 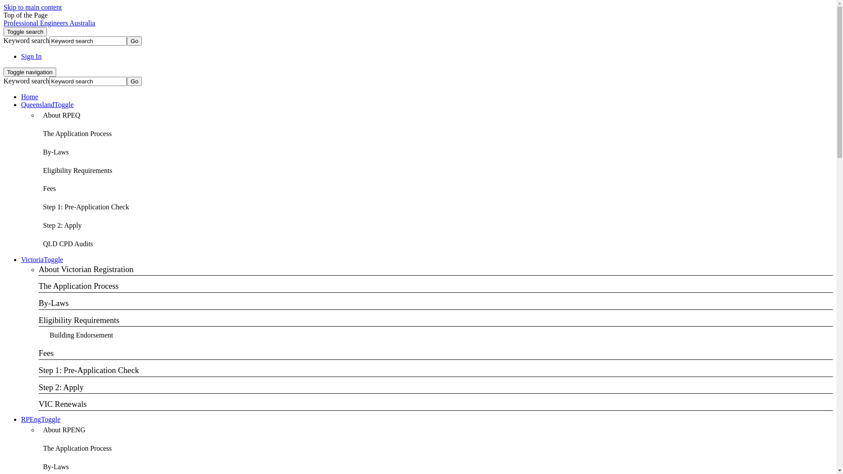 What do you see at coordinates (29, 97) in the screenshot?
I see `'Home'` at bounding box center [29, 97].